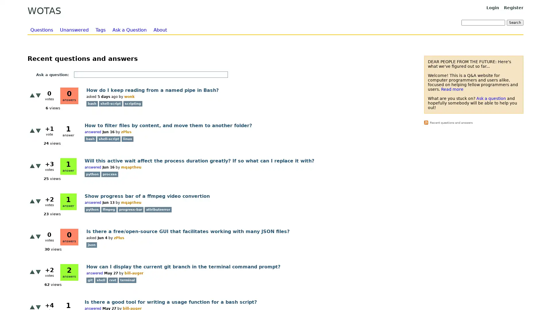  What do you see at coordinates (32, 201) in the screenshot?
I see `+` at bounding box center [32, 201].